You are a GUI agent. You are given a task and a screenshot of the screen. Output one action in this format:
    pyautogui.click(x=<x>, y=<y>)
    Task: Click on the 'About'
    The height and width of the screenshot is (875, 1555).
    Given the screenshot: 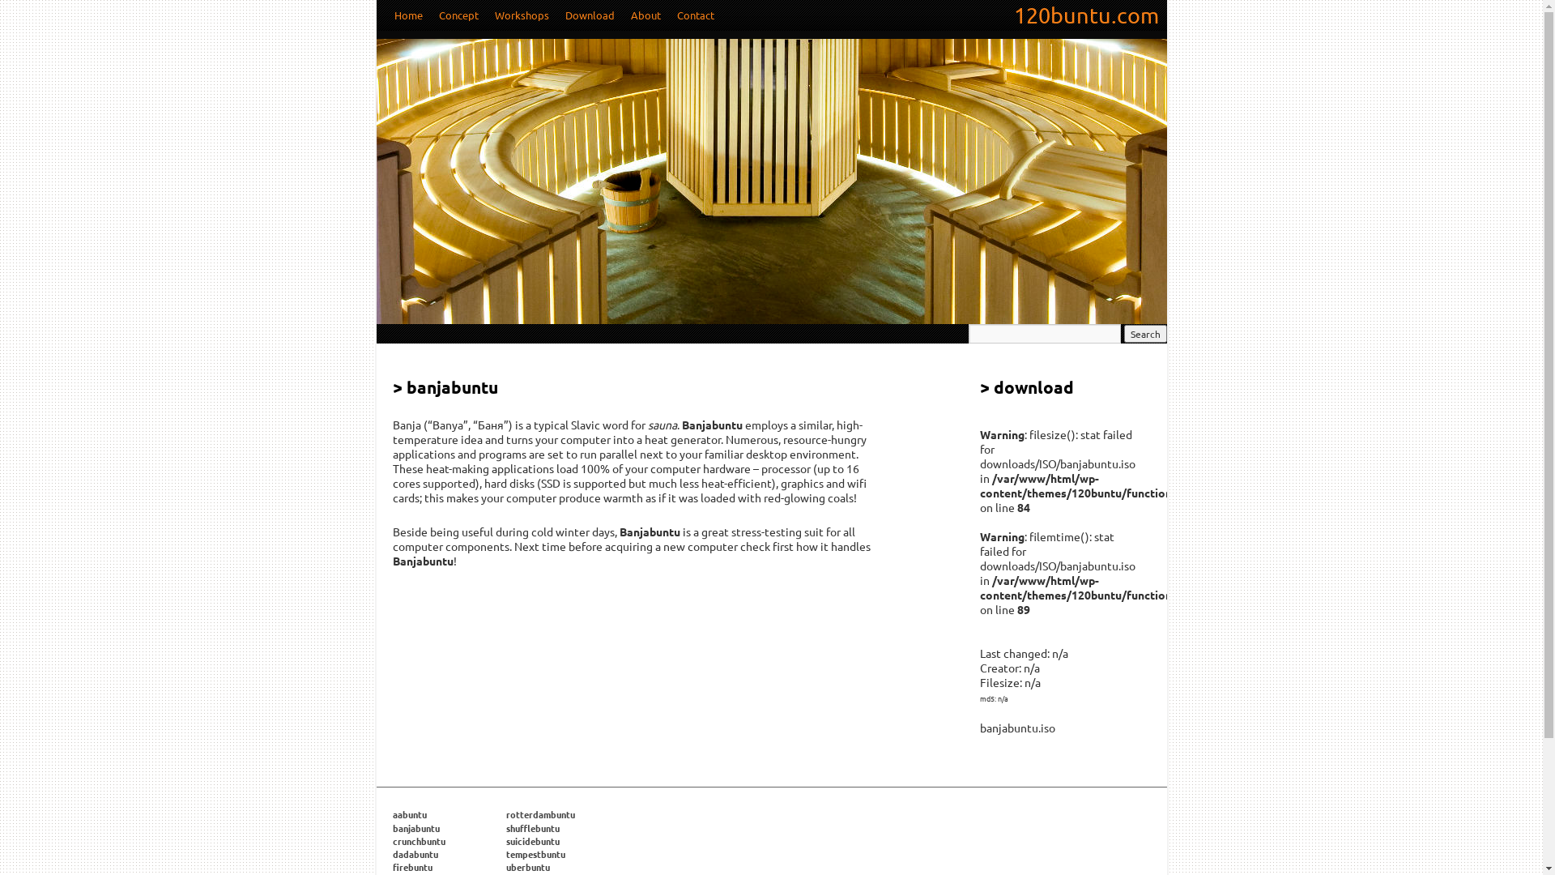 What is the action you would take?
    pyautogui.click(x=644, y=15)
    